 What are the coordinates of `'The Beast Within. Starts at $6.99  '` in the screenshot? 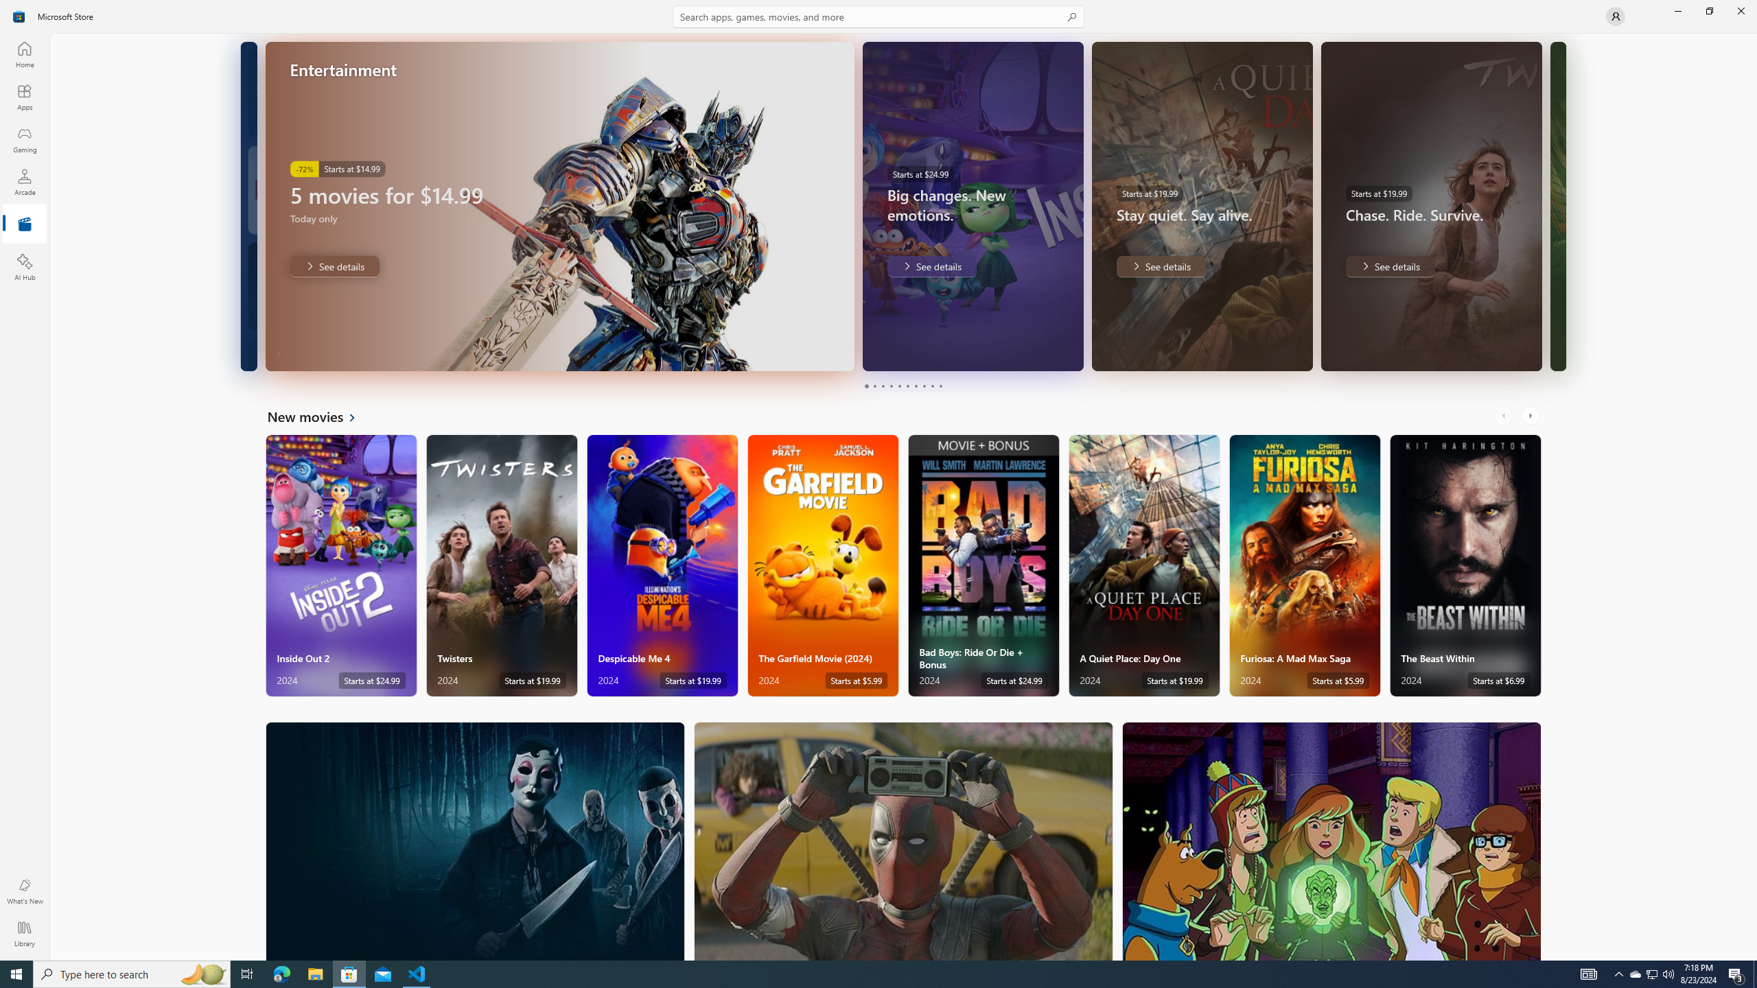 It's located at (1465, 565).